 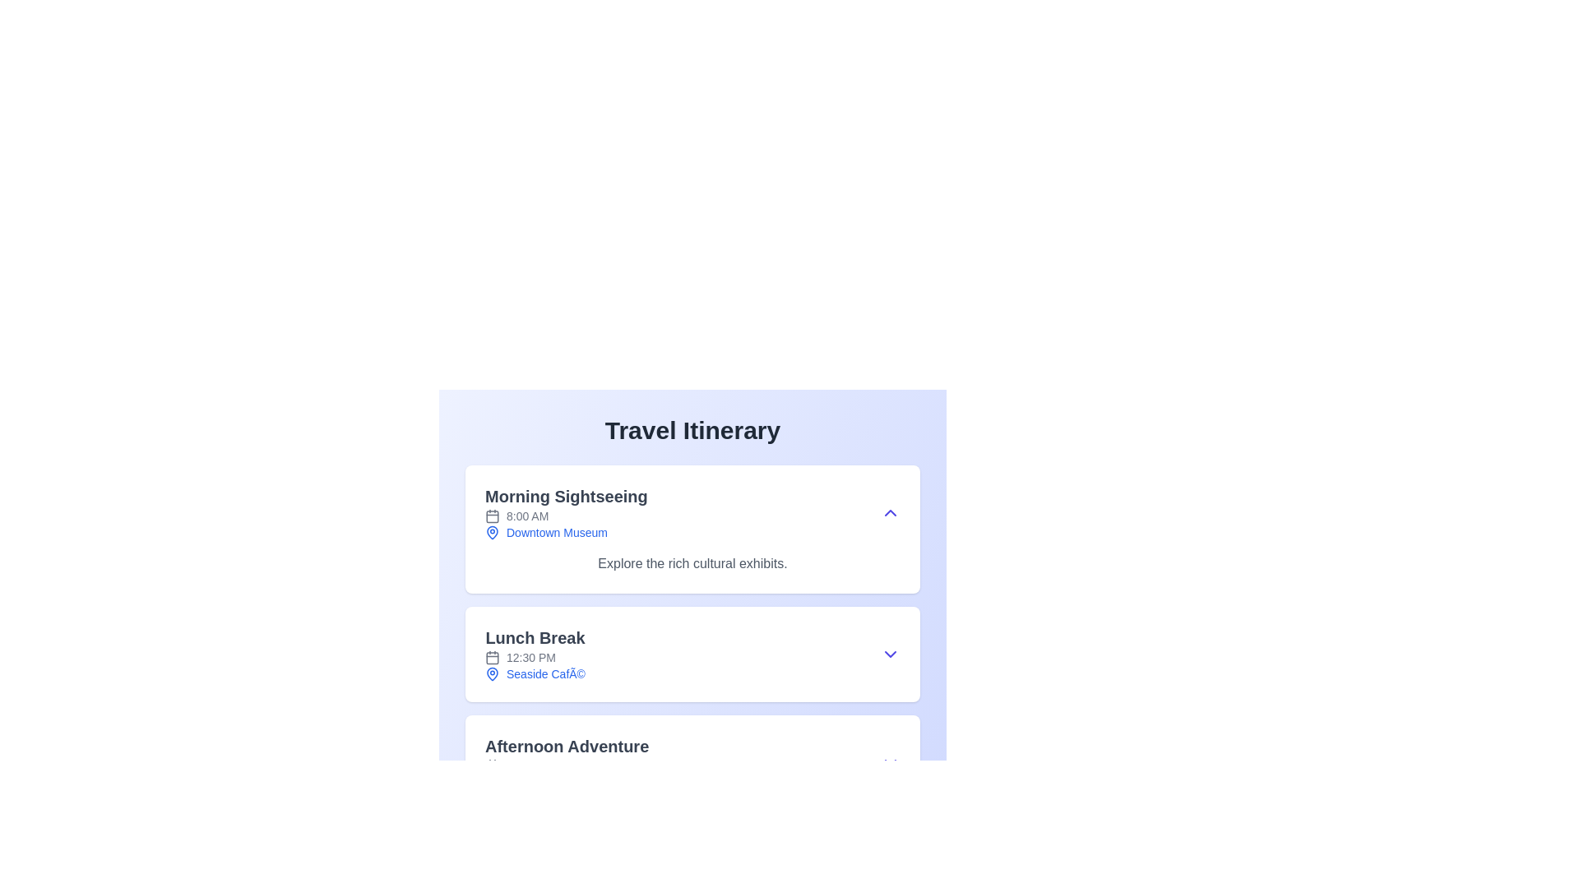 I want to click on the text label reading 'Afternoon Adventure', so click(x=567, y=746).